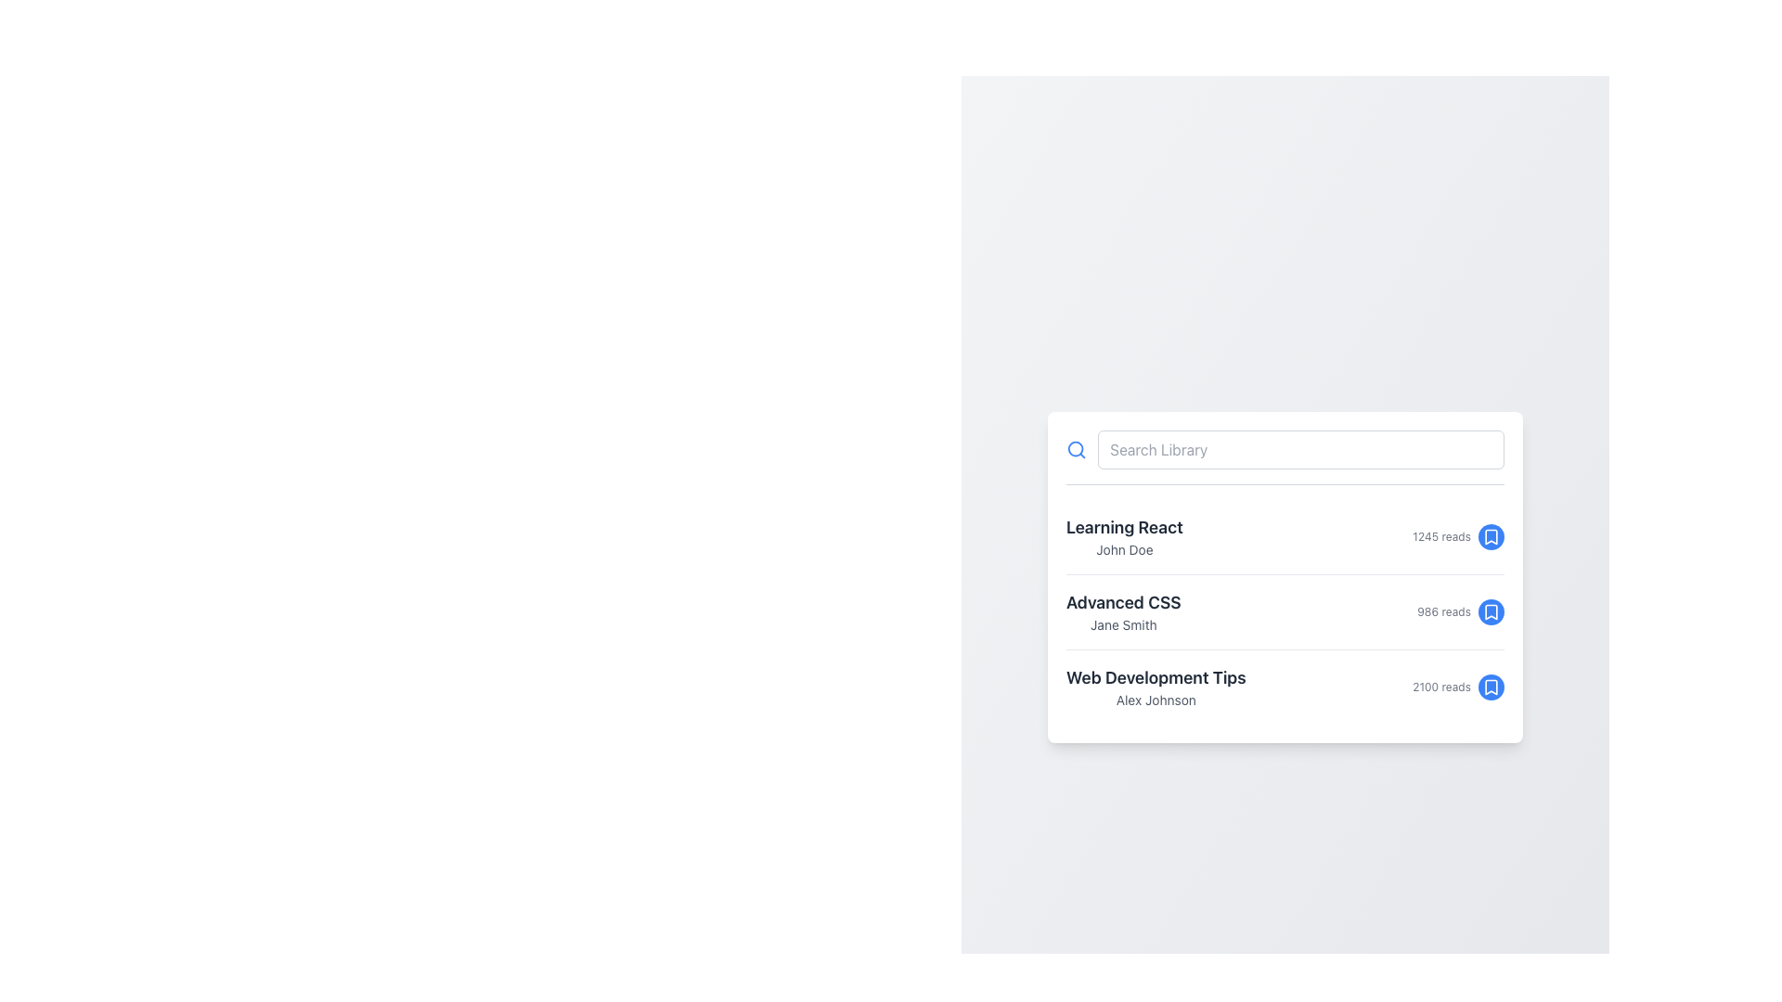 This screenshot has width=1782, height=1002. What do you see at coordinates (1457, 536) in the screenshot?
I see `the text label indicating the number of reads (1245) for the item 'Learning React' by moving the cursor to its location` at bounding box center [1457, 536].